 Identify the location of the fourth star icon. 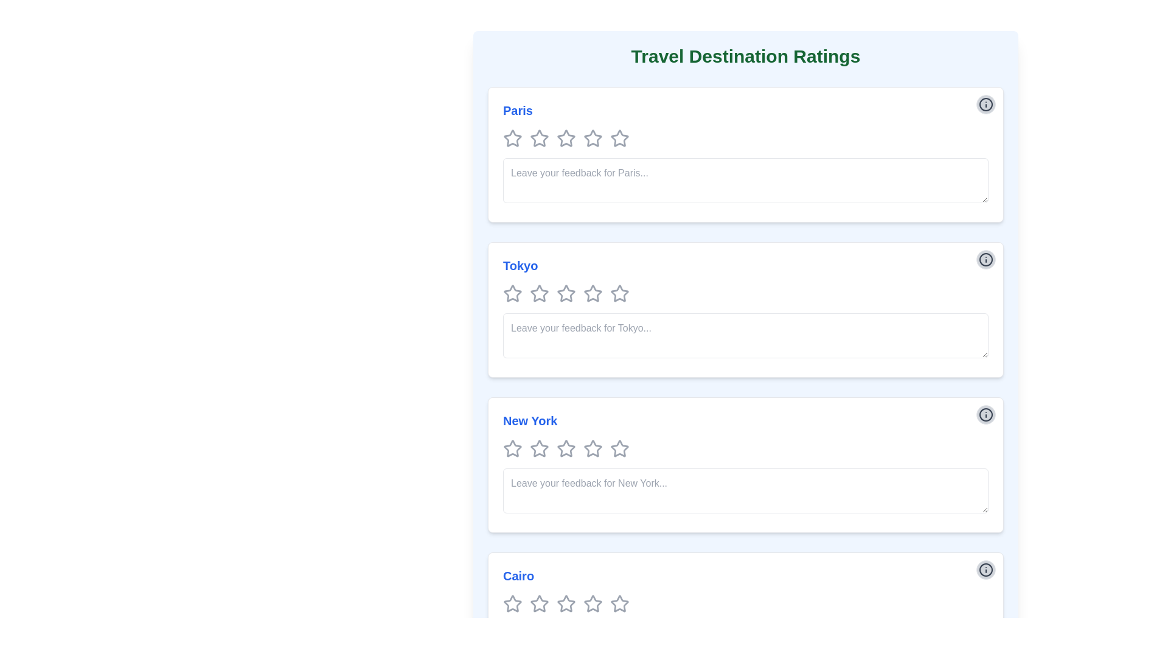
(566, 448).